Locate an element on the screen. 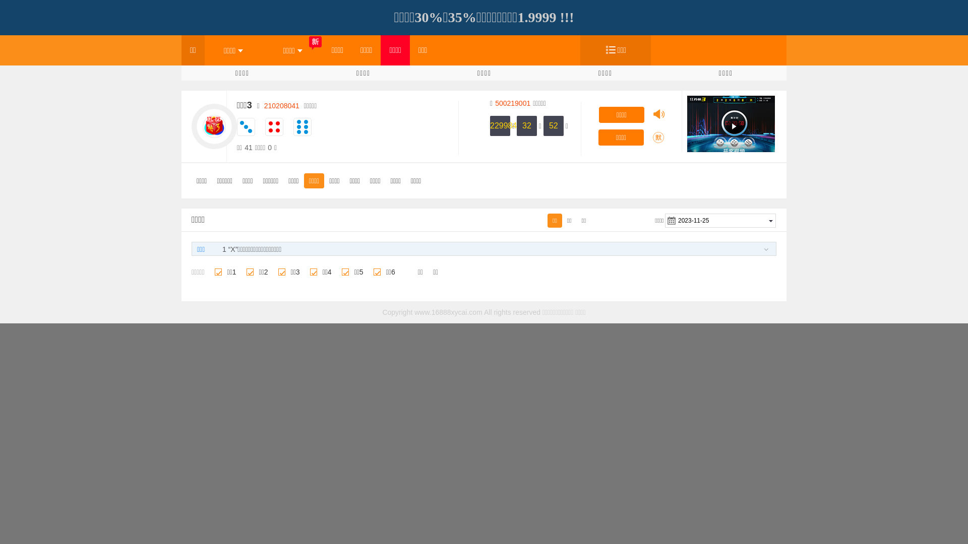 The width and height of the screenshot is (968, 544). 'www.16888xycai.com' is located at coordinates (448, 312).